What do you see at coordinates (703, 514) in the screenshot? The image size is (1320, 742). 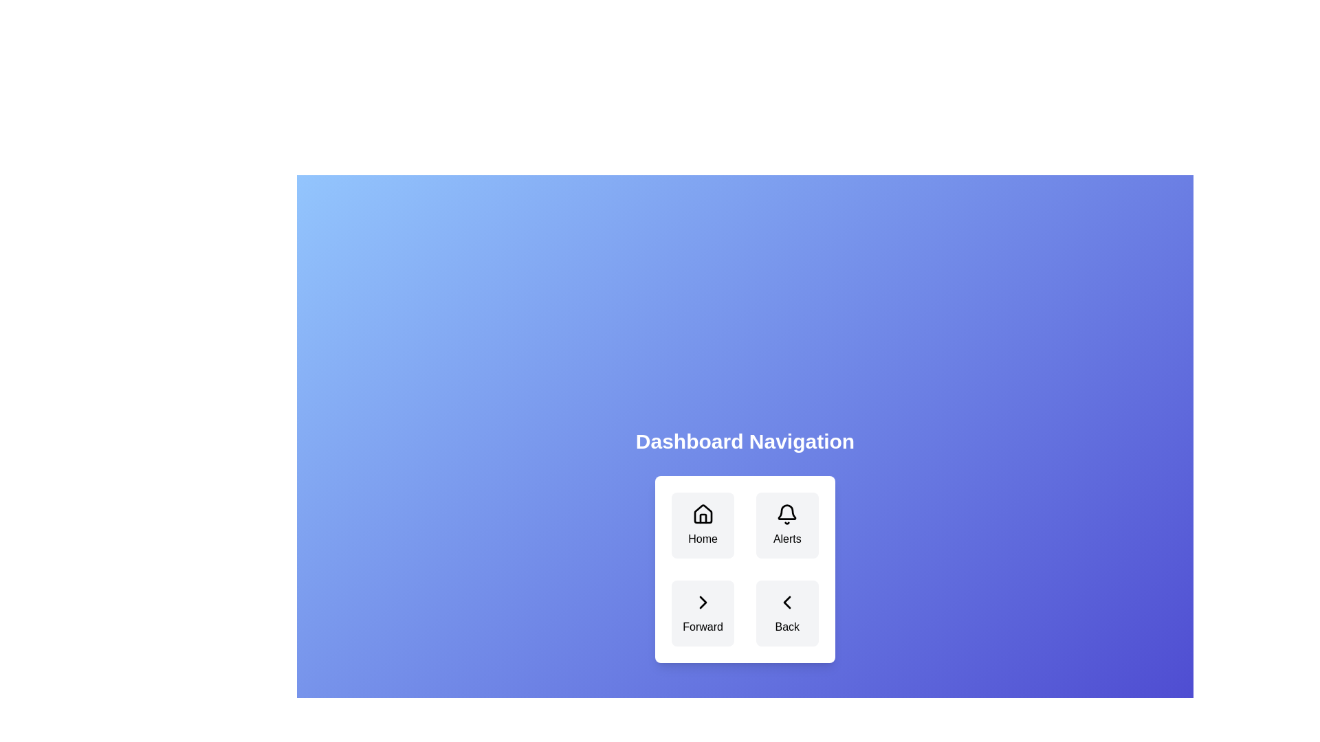 I see `the 'Home' button represented by a house icon in the top-left corner of the navigation panel` at bounding box center [703, 514].